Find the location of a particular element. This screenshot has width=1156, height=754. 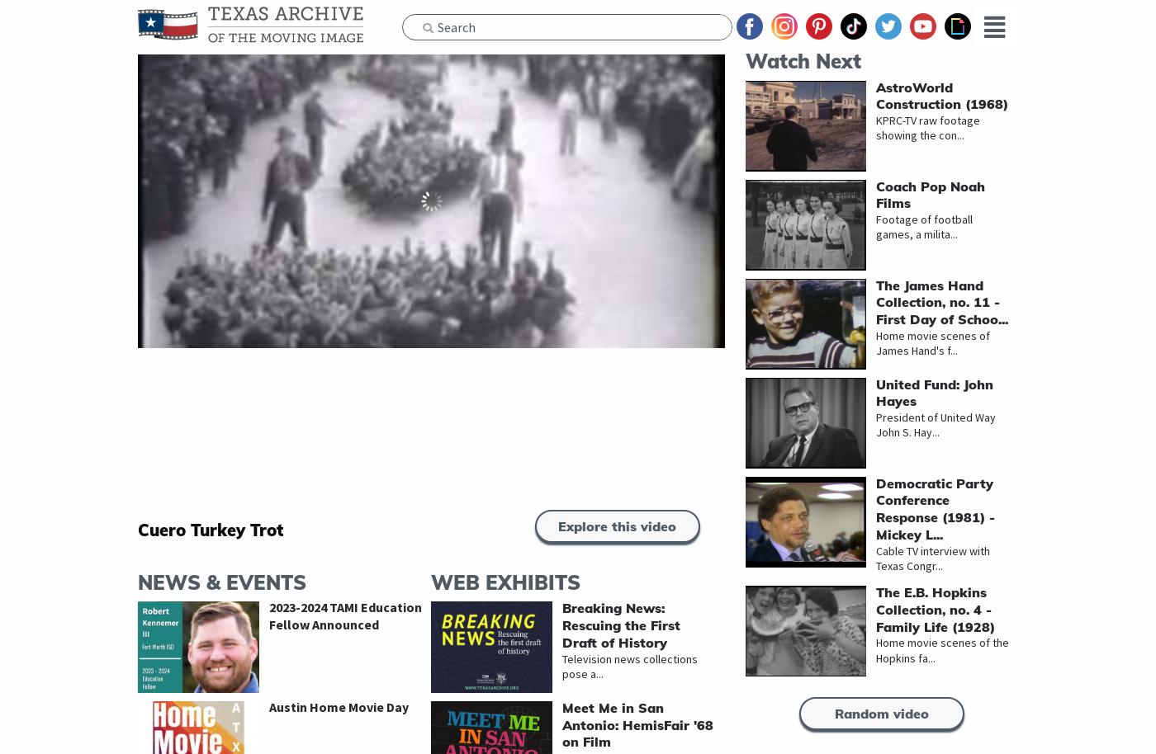

'Breaking News: Rescuing the First Draft of History' is located at coordinates (621, 624).